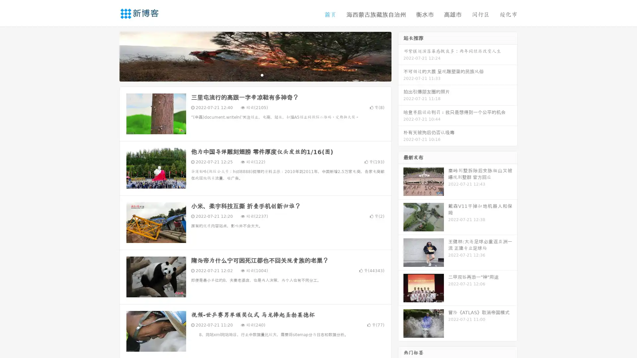 The width and height of the screenshot is (637, 358). I want to click on Next slide, so click(401, 56).